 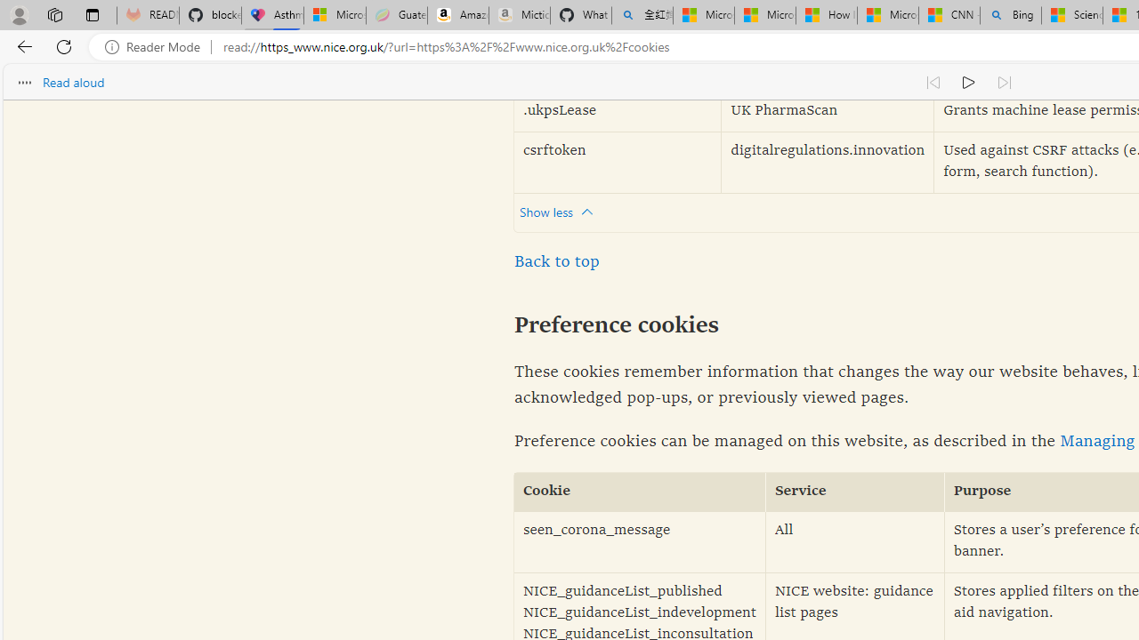 What do you see at coordinates (640, 541) in the screenshot?
I see `'seen_corona_message'` at bounding box center [640, 541].